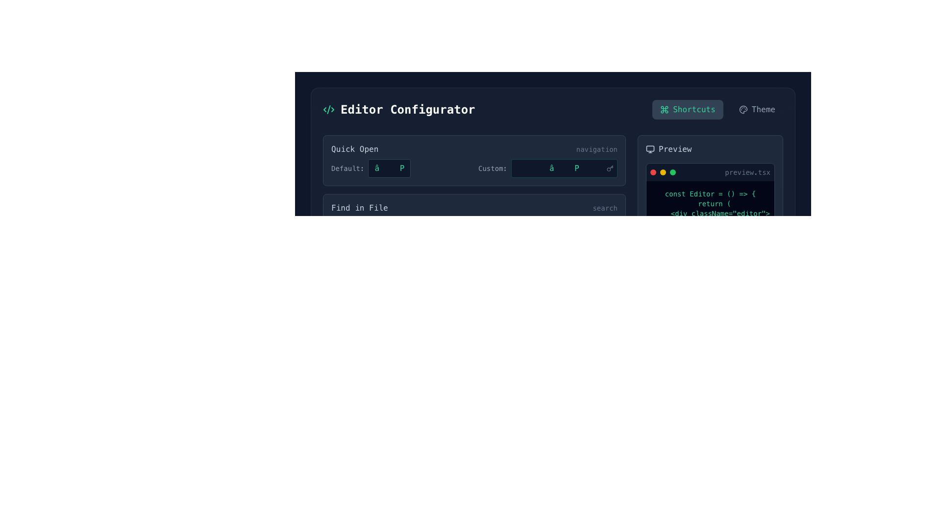 The image size is (941, 529). I want to click on the graphical icon embedded within the 'Shortcuts' button, located near the upper-right corner of the interface, so click(665, 109).